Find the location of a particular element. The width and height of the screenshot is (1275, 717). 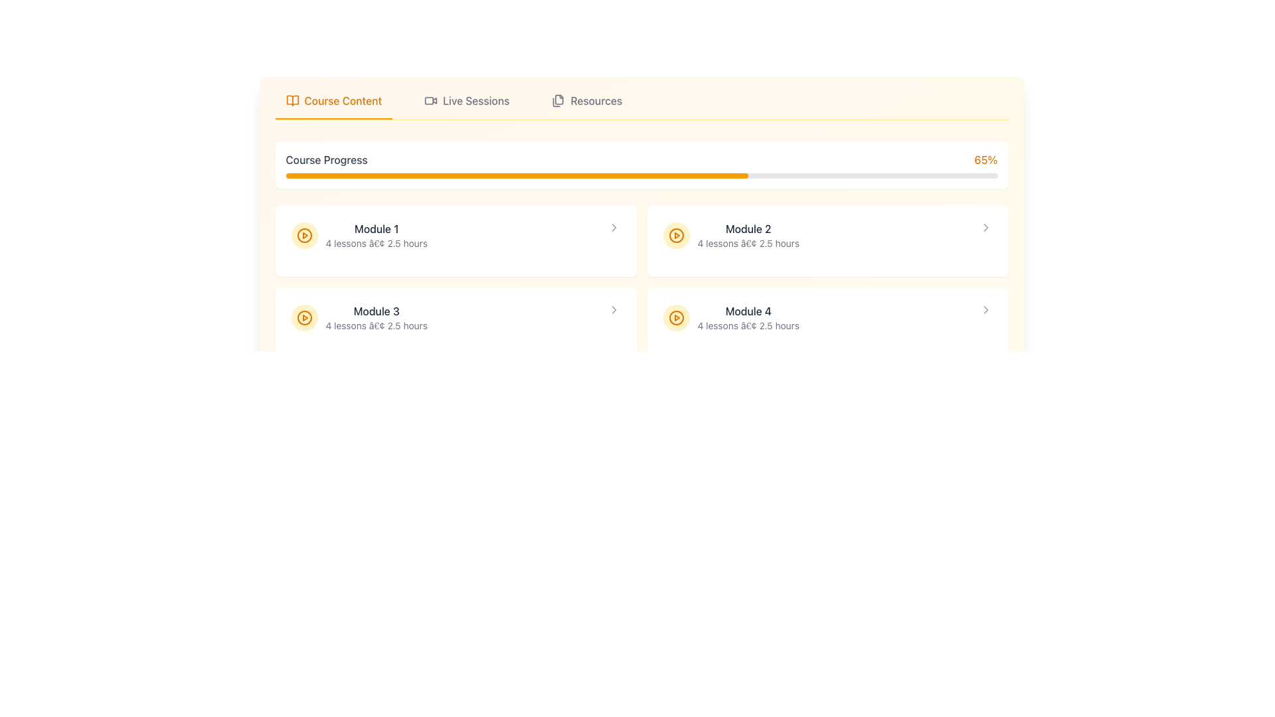

the play icon in the 'Module 4' grouped UI component located at the bottom right of the interface to start the module's content is located at coordinates (827, 317).